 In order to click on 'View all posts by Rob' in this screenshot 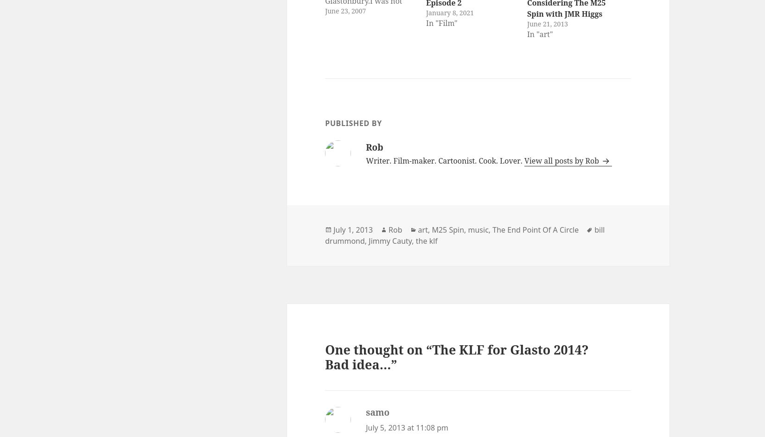, I will do `click(523, 161)`.